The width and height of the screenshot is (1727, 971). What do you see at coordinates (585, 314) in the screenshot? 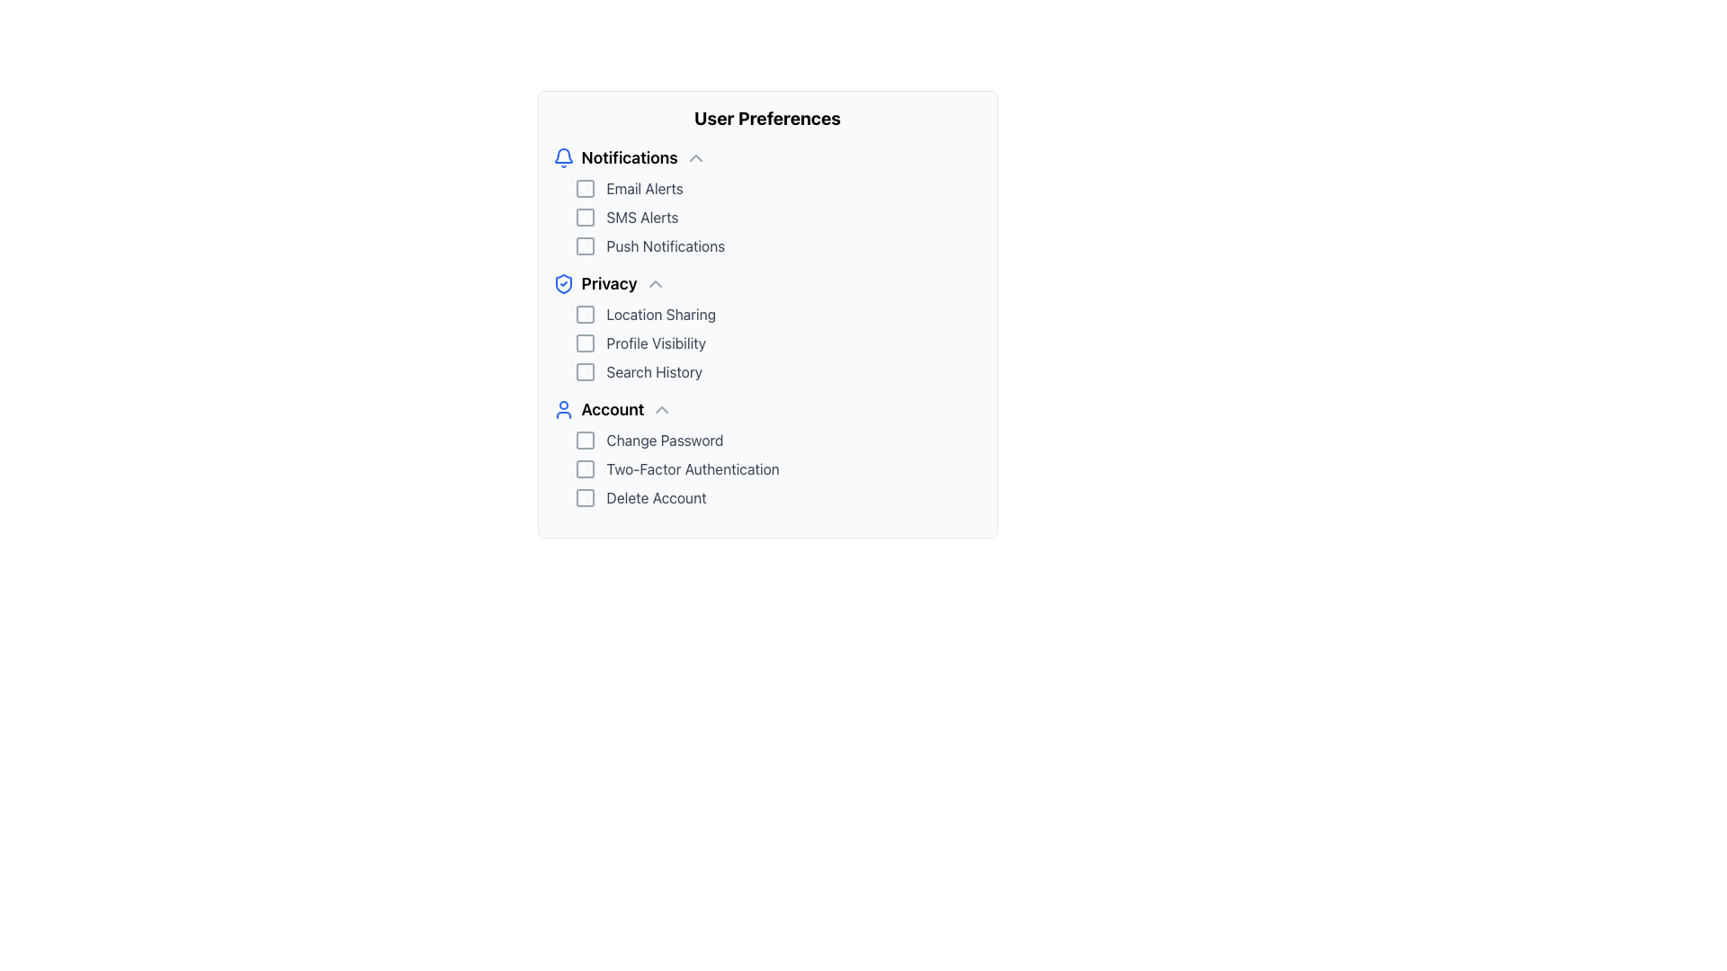
I see `the 'Location Sharing' checkbox in the Privacy category of the User Preferences interface` at bounding box center [585, 314].